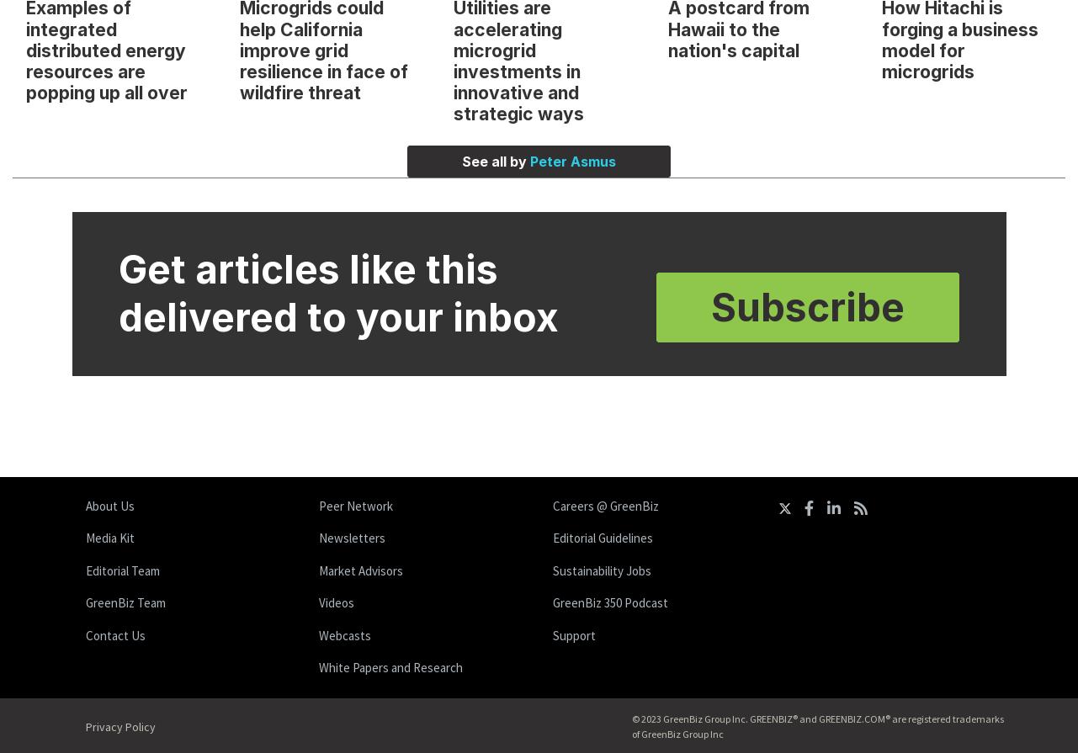 This screenshot has width=1078, height=753. Describe the element at coordinates (337, 602) in the screenshot. I see `'Videos'` at that location.